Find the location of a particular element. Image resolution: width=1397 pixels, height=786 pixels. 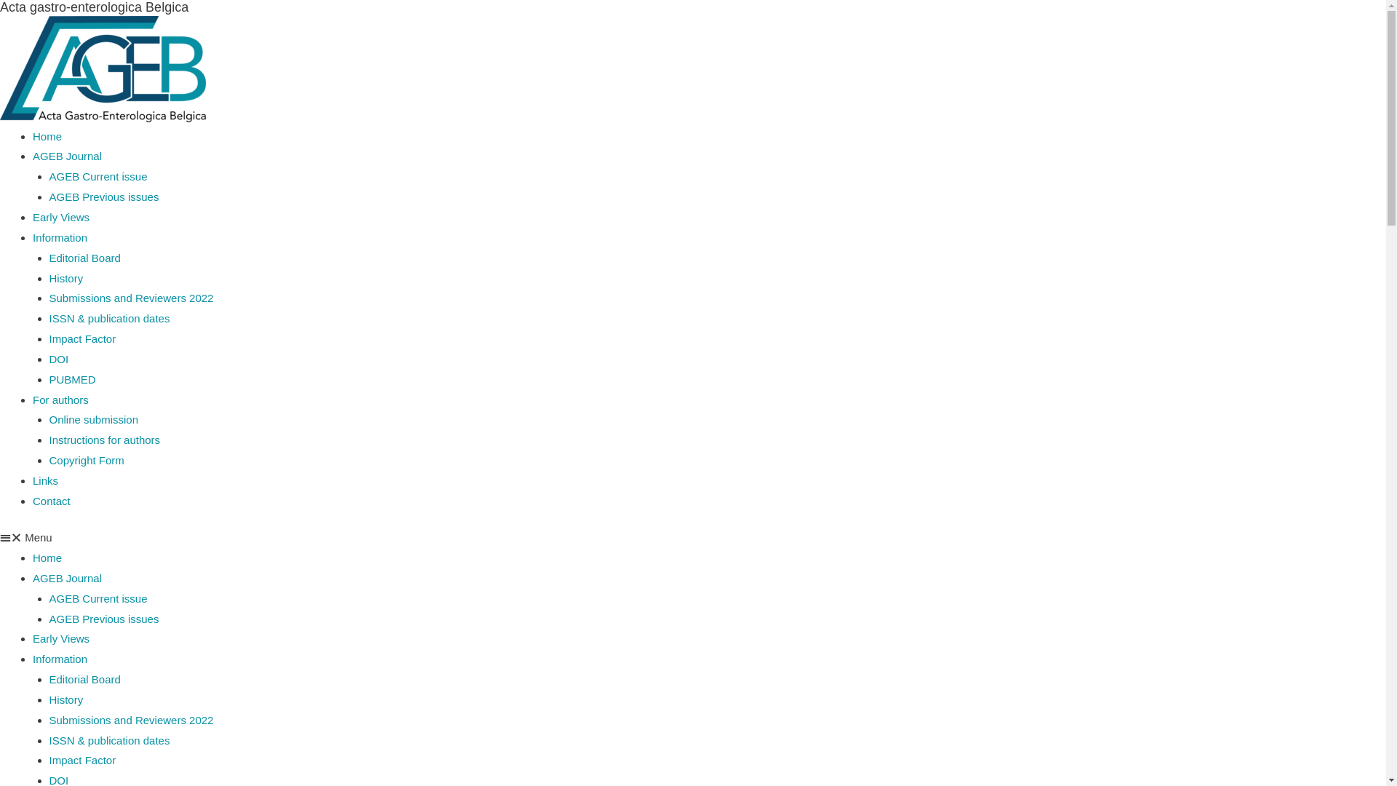

'AGEB Journal' is located at coordinates (32, 156).